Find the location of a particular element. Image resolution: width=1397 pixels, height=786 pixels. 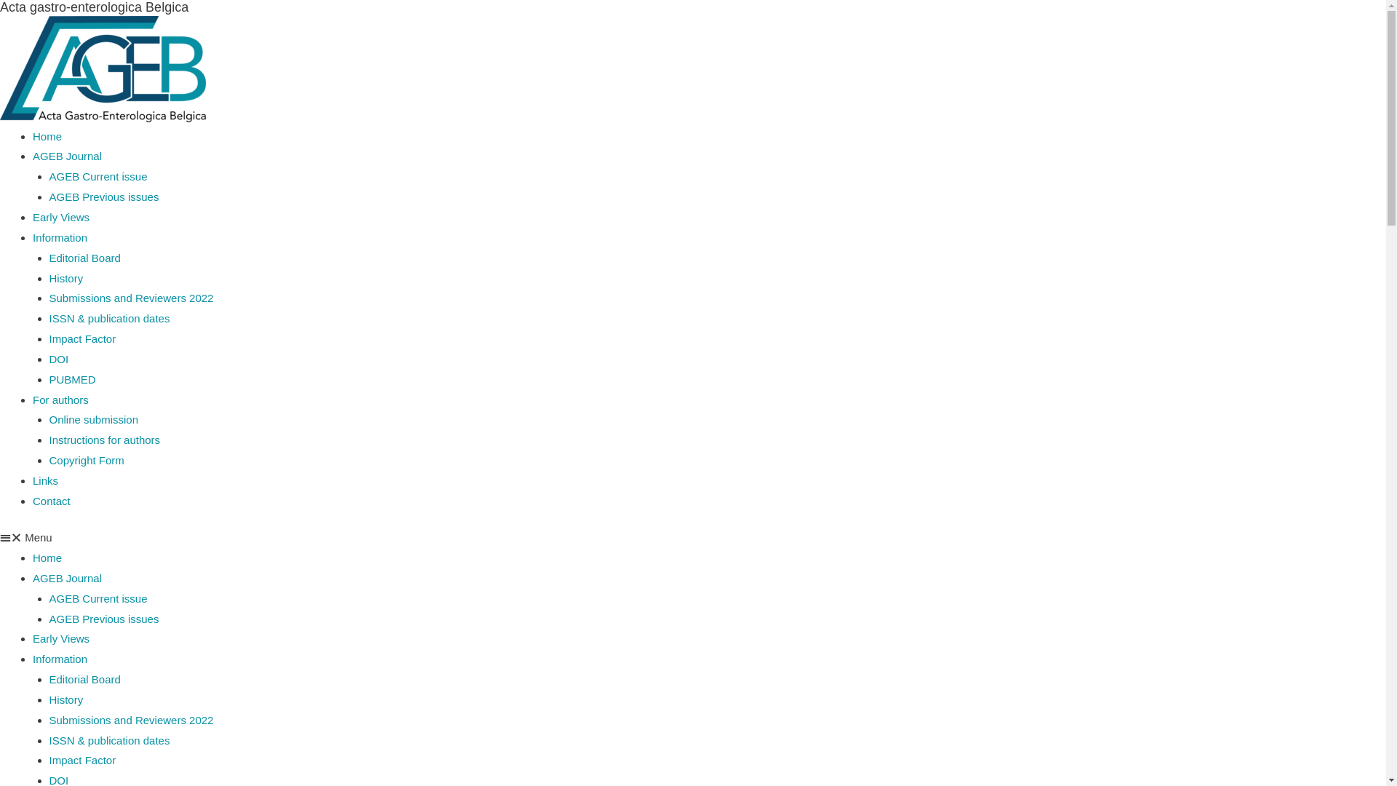

'AGEB Journal' is located at coordinates (32, 156).